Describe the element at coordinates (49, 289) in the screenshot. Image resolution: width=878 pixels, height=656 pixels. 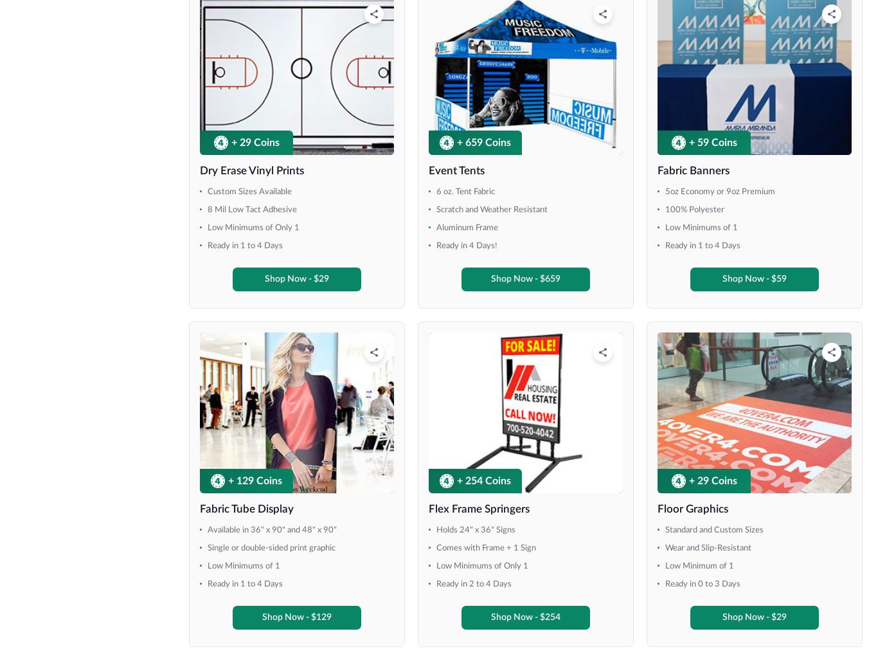
I see `'5' x 10''` at that location.